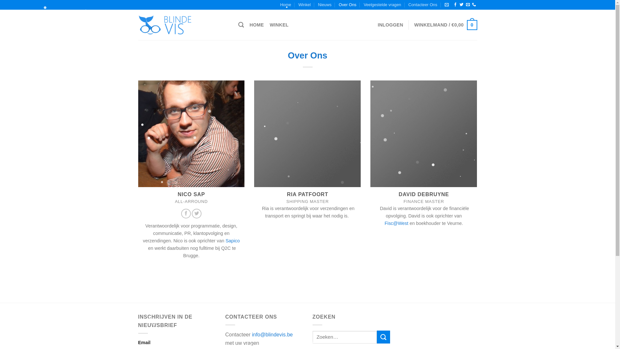 The width and height of the screenshot is (620, 349). What do you see at coordinates (304, 5) in the screenshot?
I see `'Winkel'` at bounding box center [304, 5].